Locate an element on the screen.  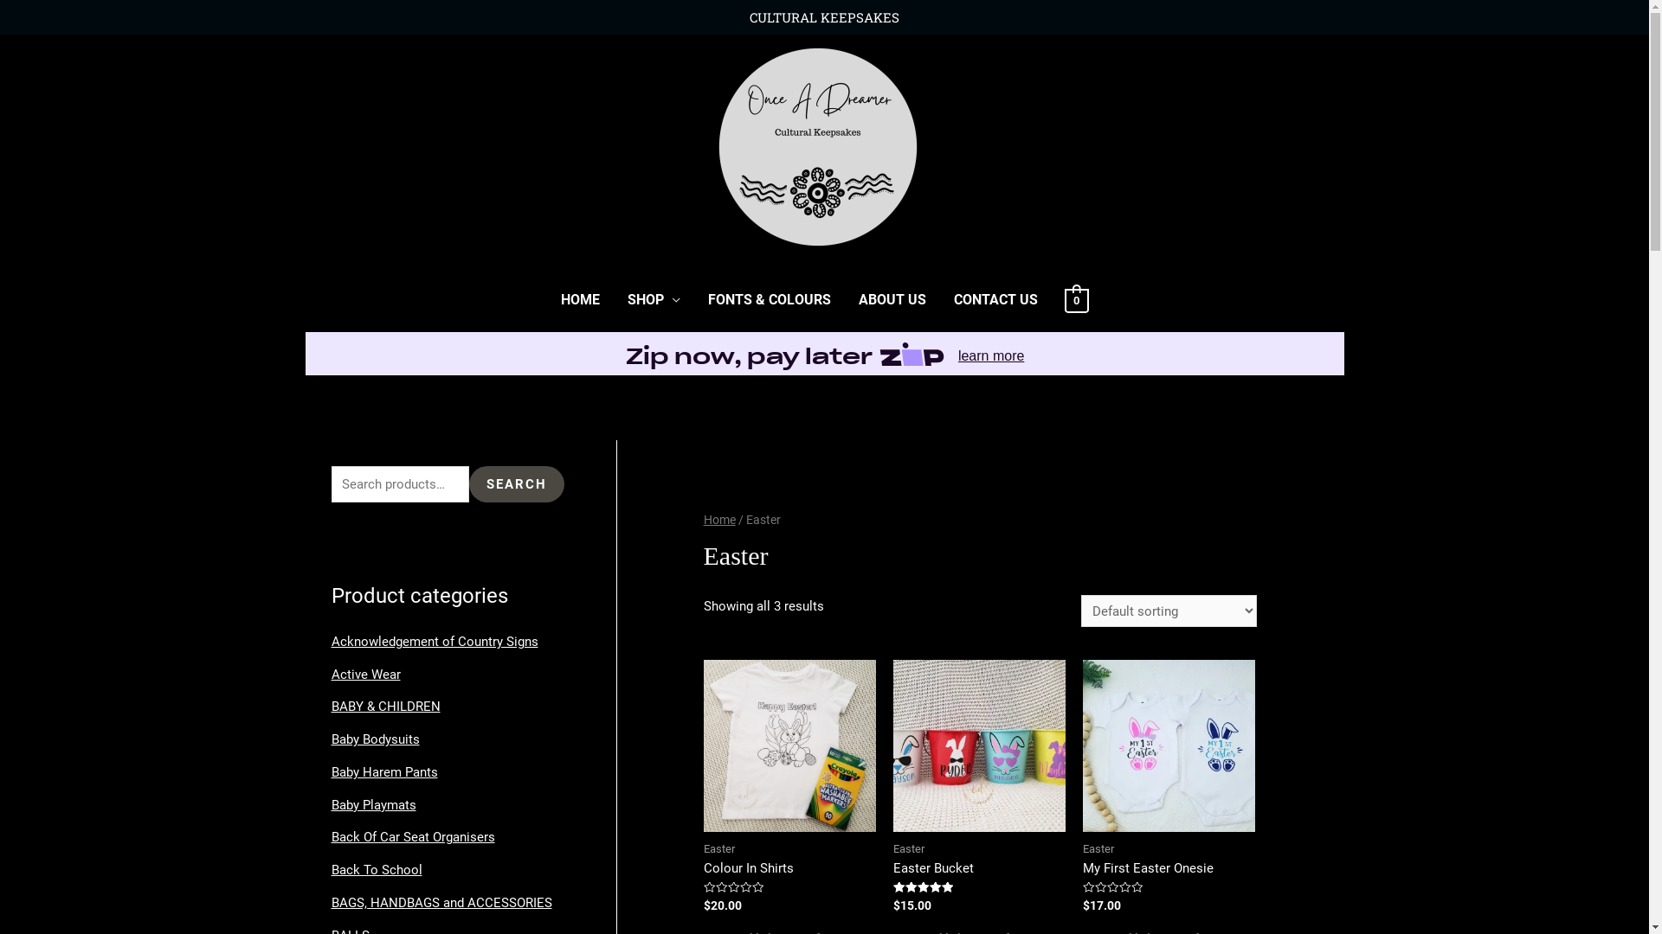
'Baby Bodysuits' is located at coordinates (373, 739).